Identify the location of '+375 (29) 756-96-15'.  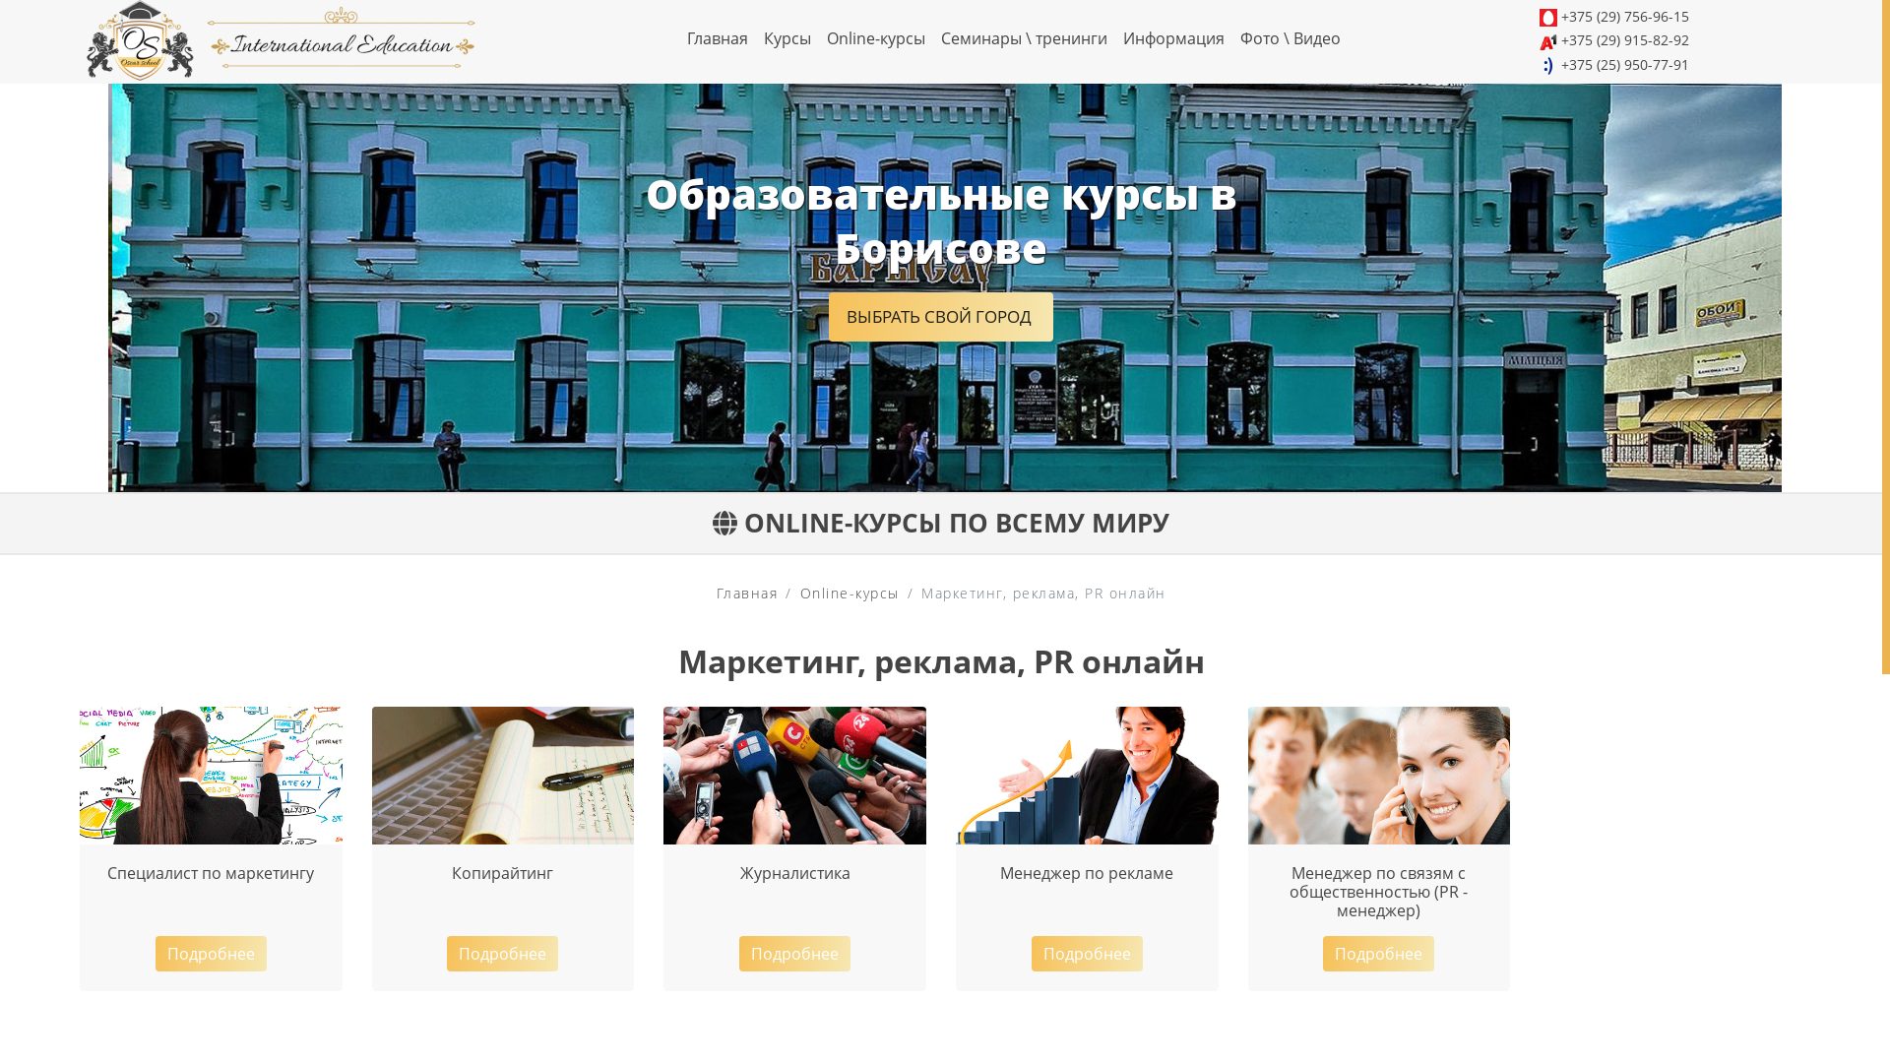
(1625, 16).